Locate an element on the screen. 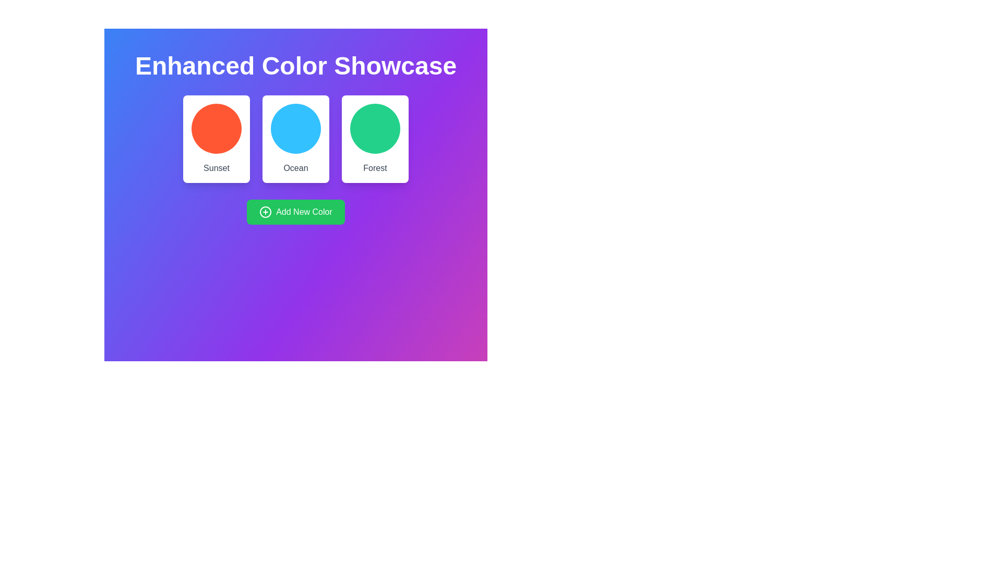 The width and height of the screenshot is (1002, 563). the second text label that indicates the theme 'Ocean', positioned centrally beneath a blue circular graphical representation is located at coordinates (295, 168).